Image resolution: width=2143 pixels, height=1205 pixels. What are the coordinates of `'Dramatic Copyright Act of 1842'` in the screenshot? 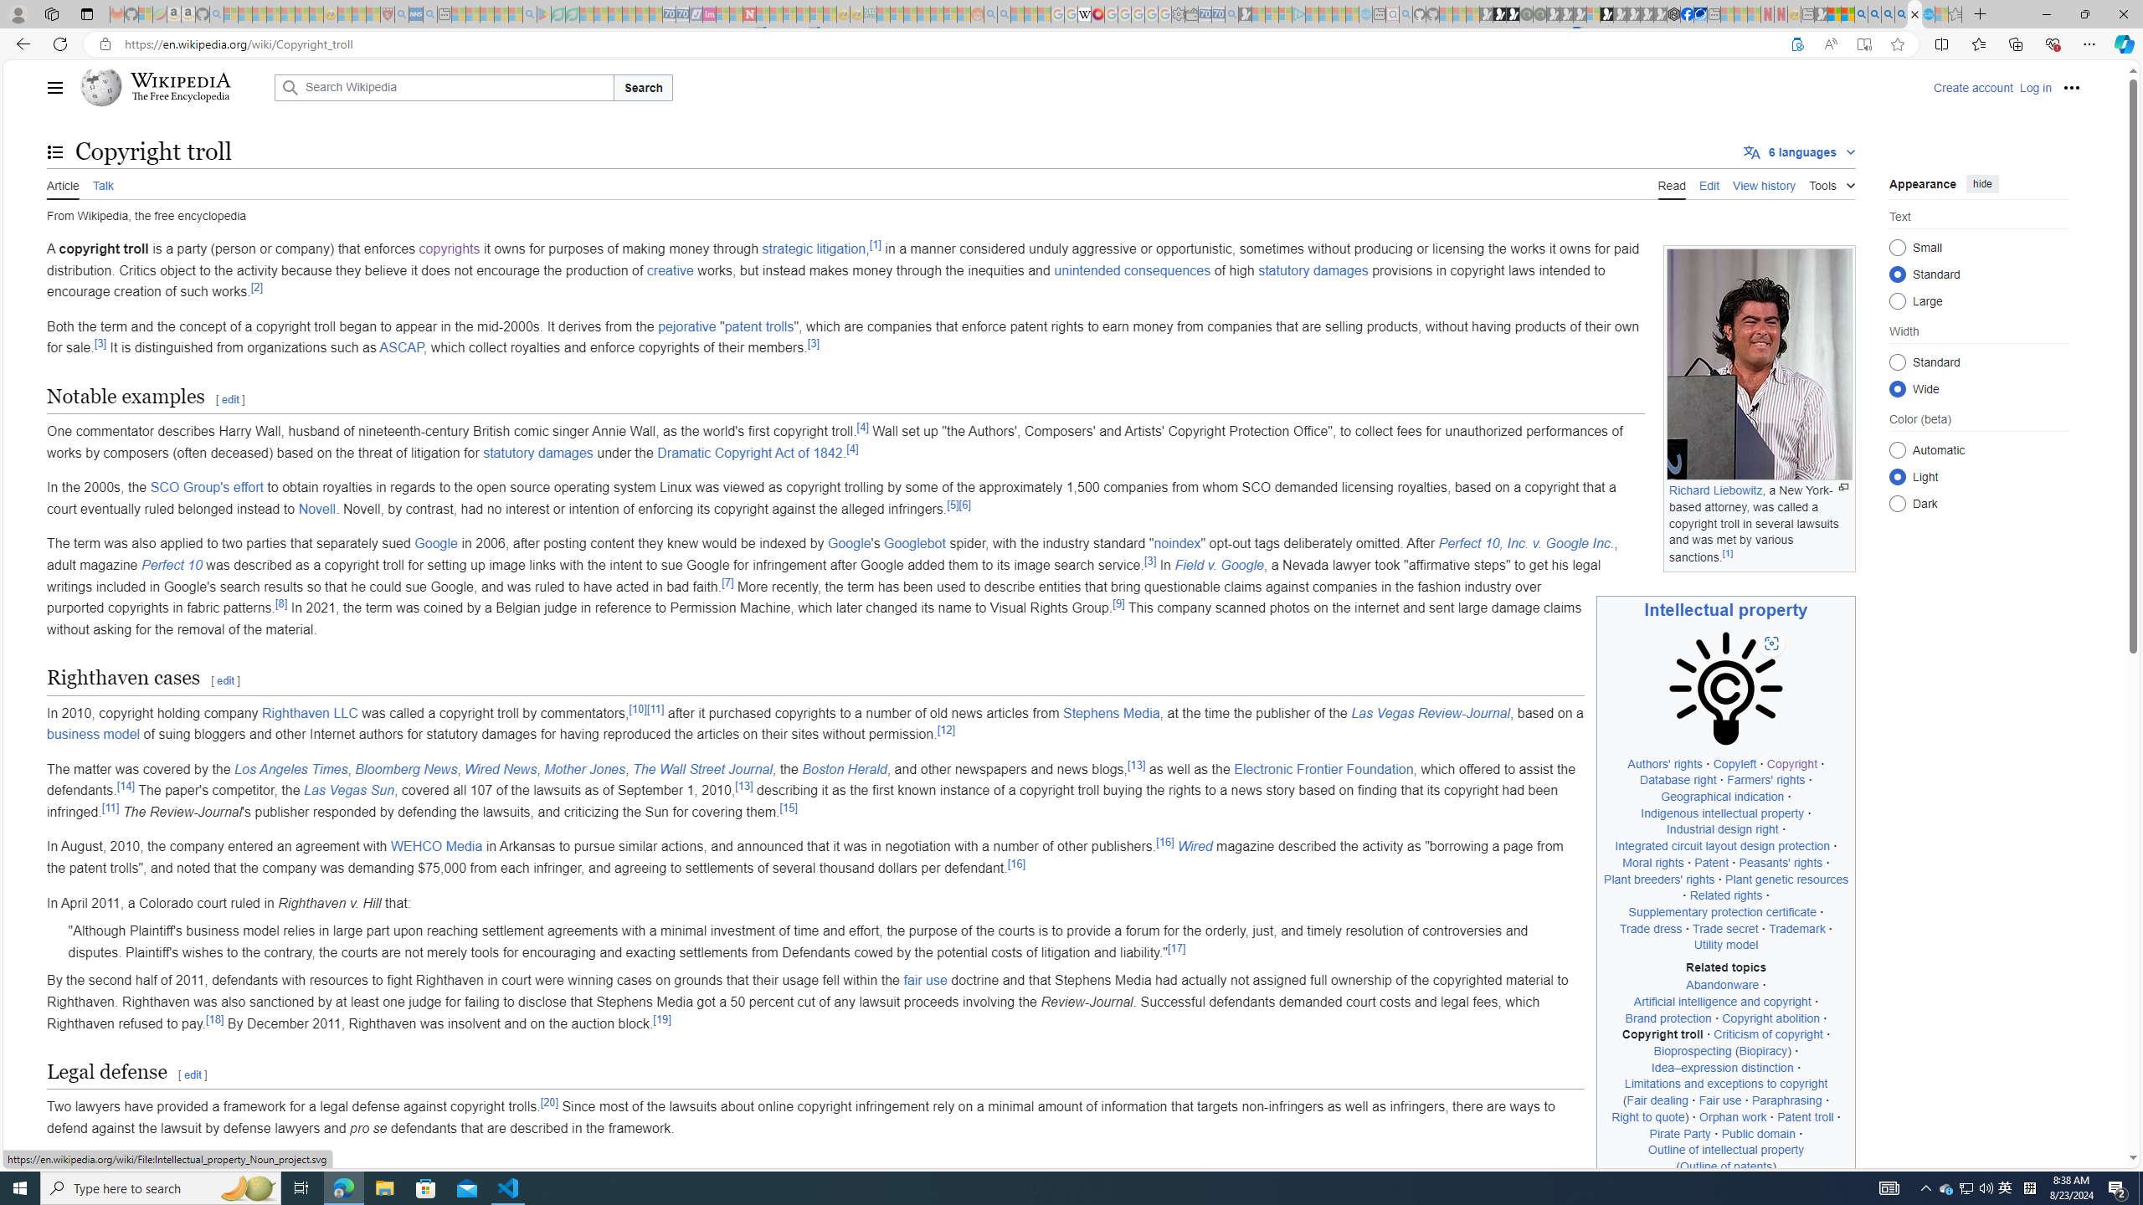 It's located at (750, 452).